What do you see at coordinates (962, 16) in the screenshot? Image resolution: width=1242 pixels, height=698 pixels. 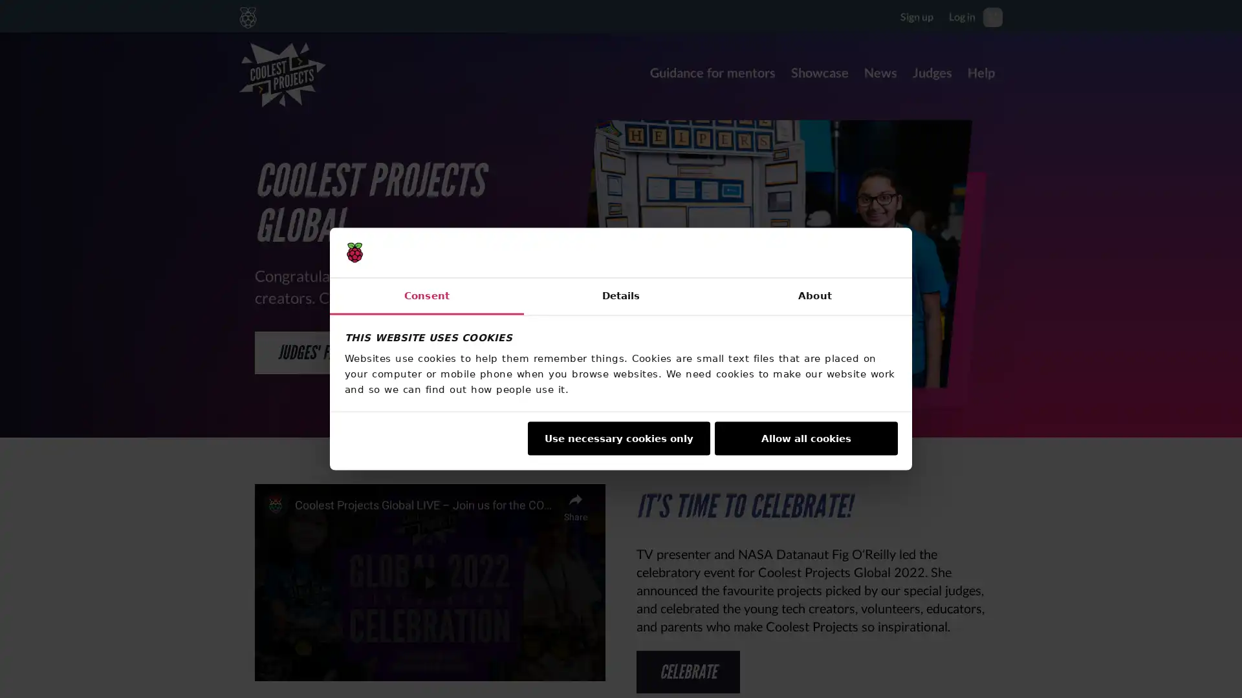 I see `Log in` at bounding box center [962, 16].